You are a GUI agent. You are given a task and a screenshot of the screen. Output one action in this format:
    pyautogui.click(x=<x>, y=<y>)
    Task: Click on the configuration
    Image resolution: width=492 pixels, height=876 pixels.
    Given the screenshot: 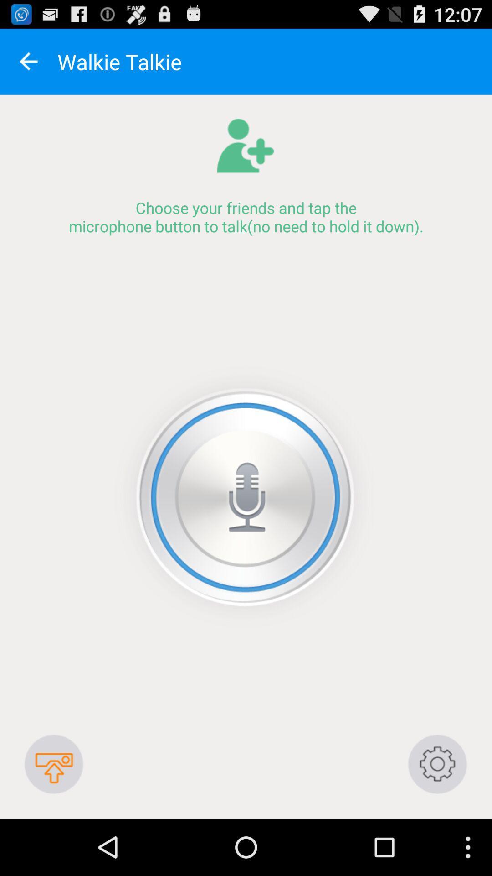 What is the action you would take?
    pyautogui.click(x=437, y=764)
    